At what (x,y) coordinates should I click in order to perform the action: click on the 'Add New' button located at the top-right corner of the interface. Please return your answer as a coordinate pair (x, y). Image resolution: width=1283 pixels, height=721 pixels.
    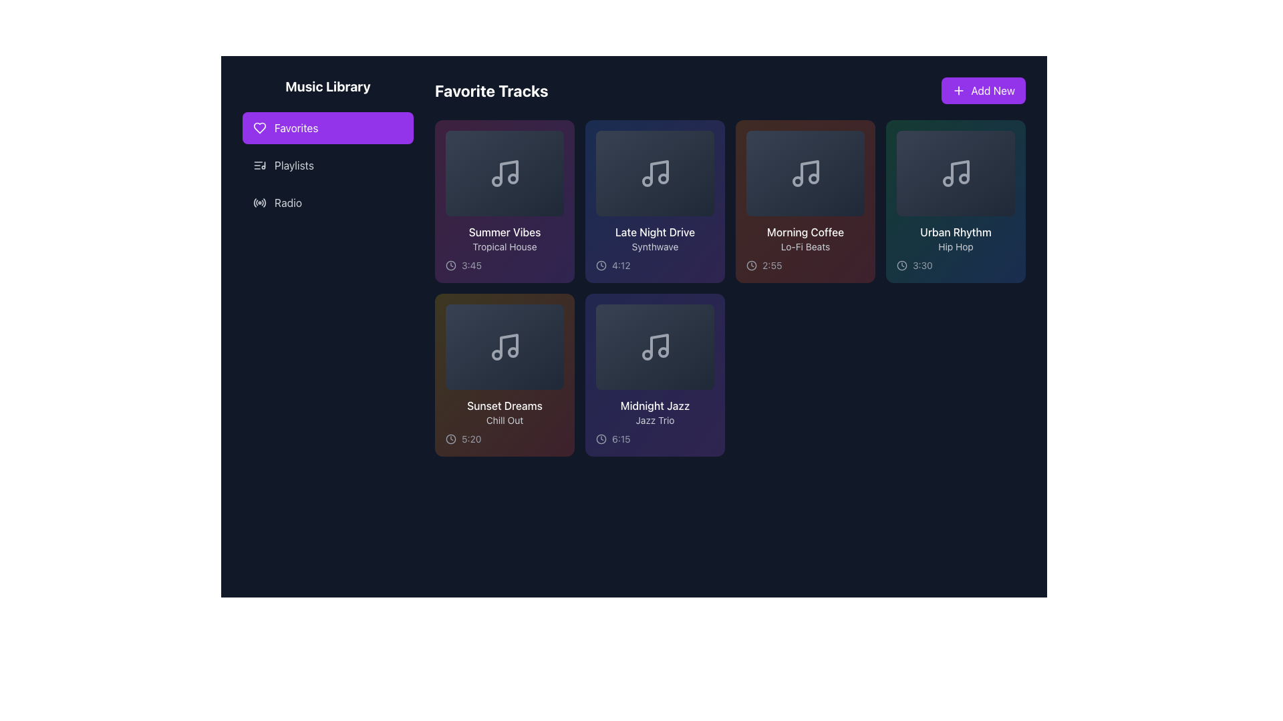
    Looking at the image, I should click on (993, 90).